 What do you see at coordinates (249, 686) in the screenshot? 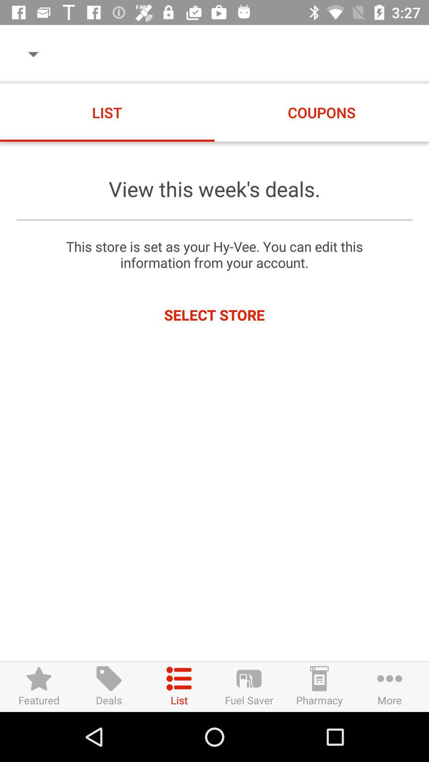
I see `the button on the right next to the list button on the web page` at bounding box center [249, 686].